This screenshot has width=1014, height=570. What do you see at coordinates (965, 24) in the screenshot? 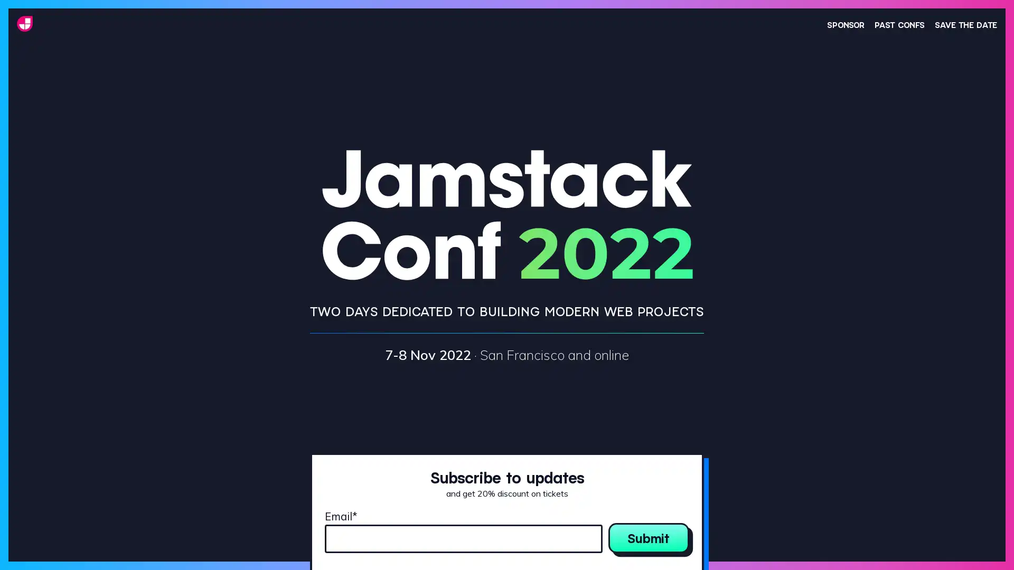
I see `SAVE THE DATE` at bounding box center [965, 24].